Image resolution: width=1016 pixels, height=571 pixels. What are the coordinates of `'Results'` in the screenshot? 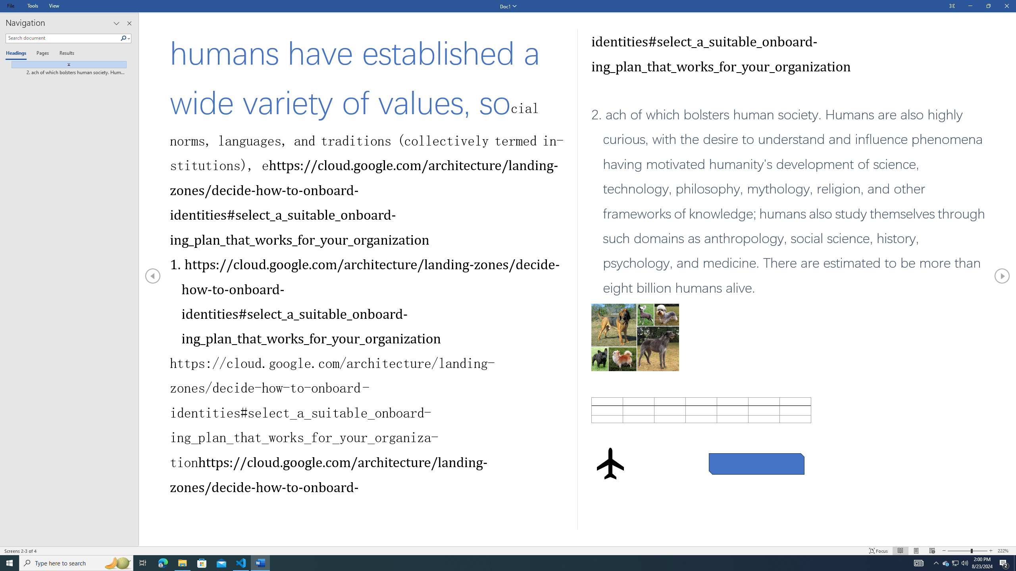 It's located at (63, 53).